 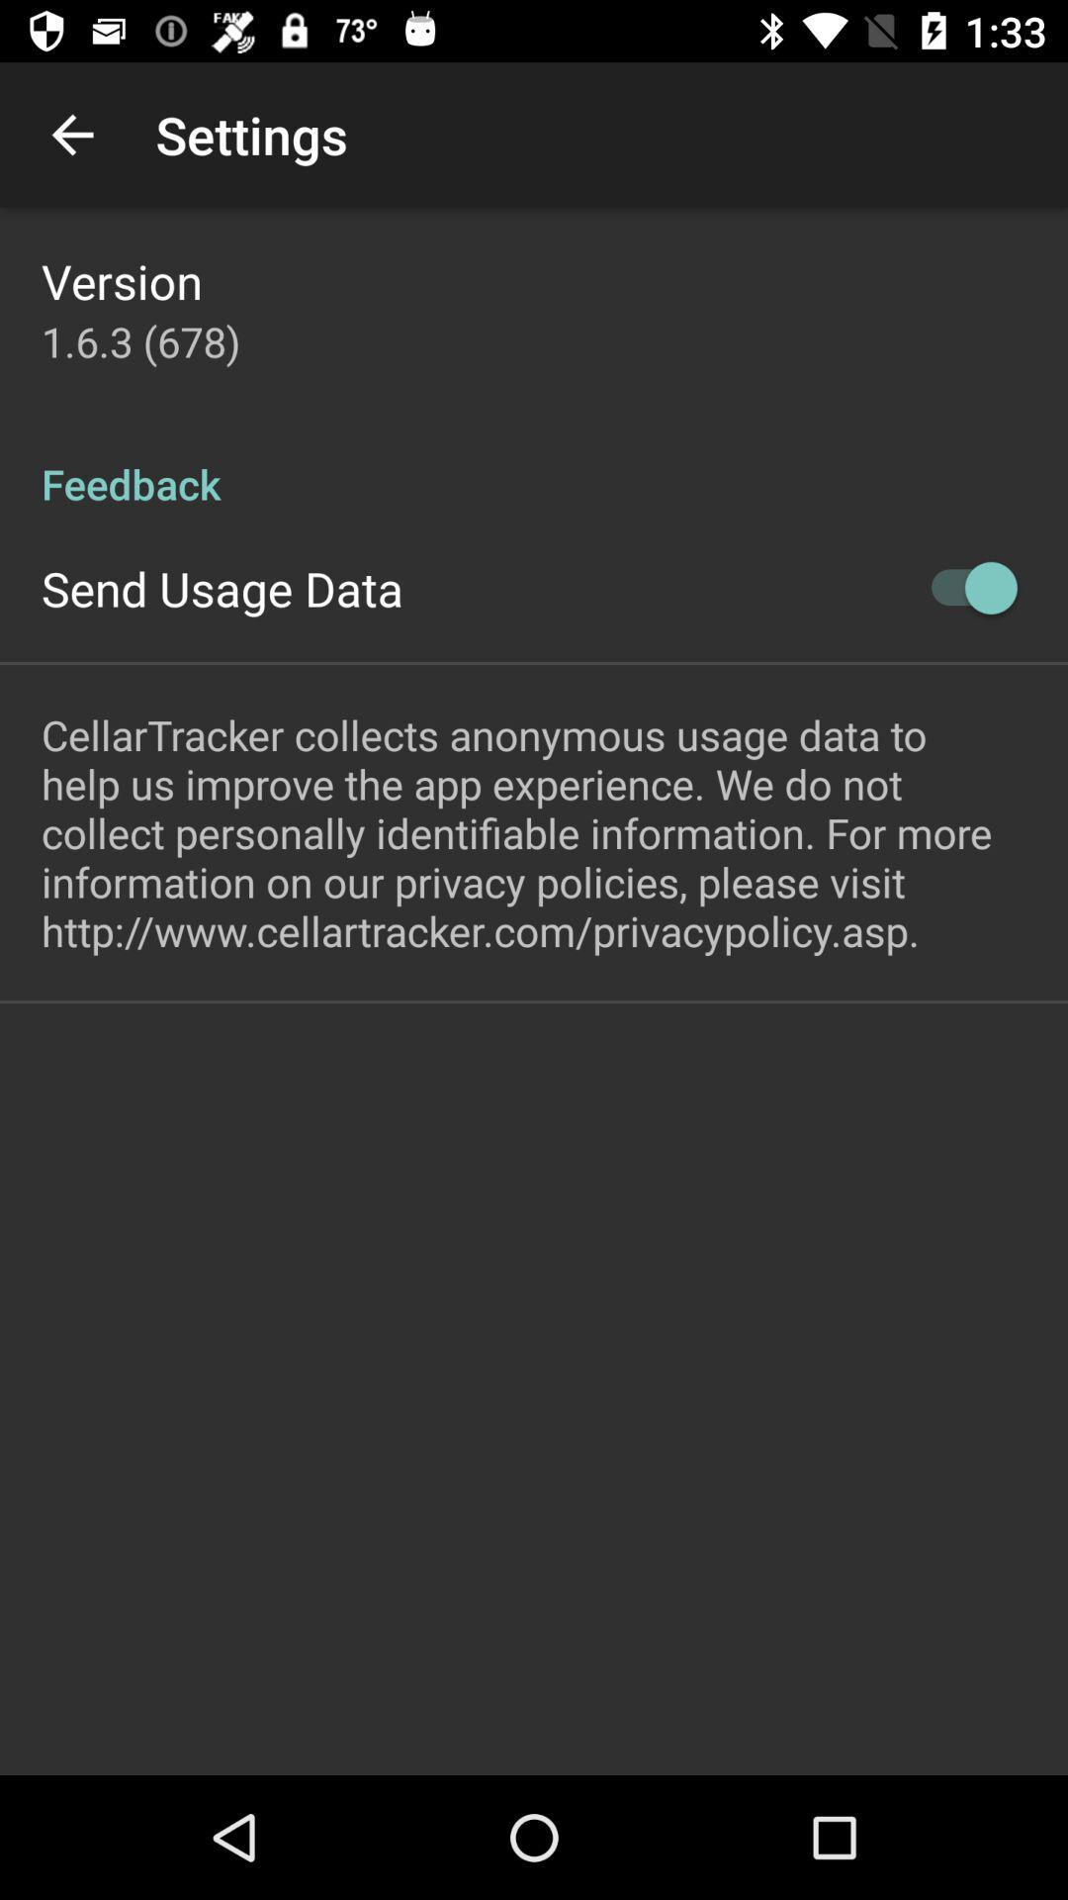 I want to click on cellartracker collects anonymous icon, so click(x=534, y=832).